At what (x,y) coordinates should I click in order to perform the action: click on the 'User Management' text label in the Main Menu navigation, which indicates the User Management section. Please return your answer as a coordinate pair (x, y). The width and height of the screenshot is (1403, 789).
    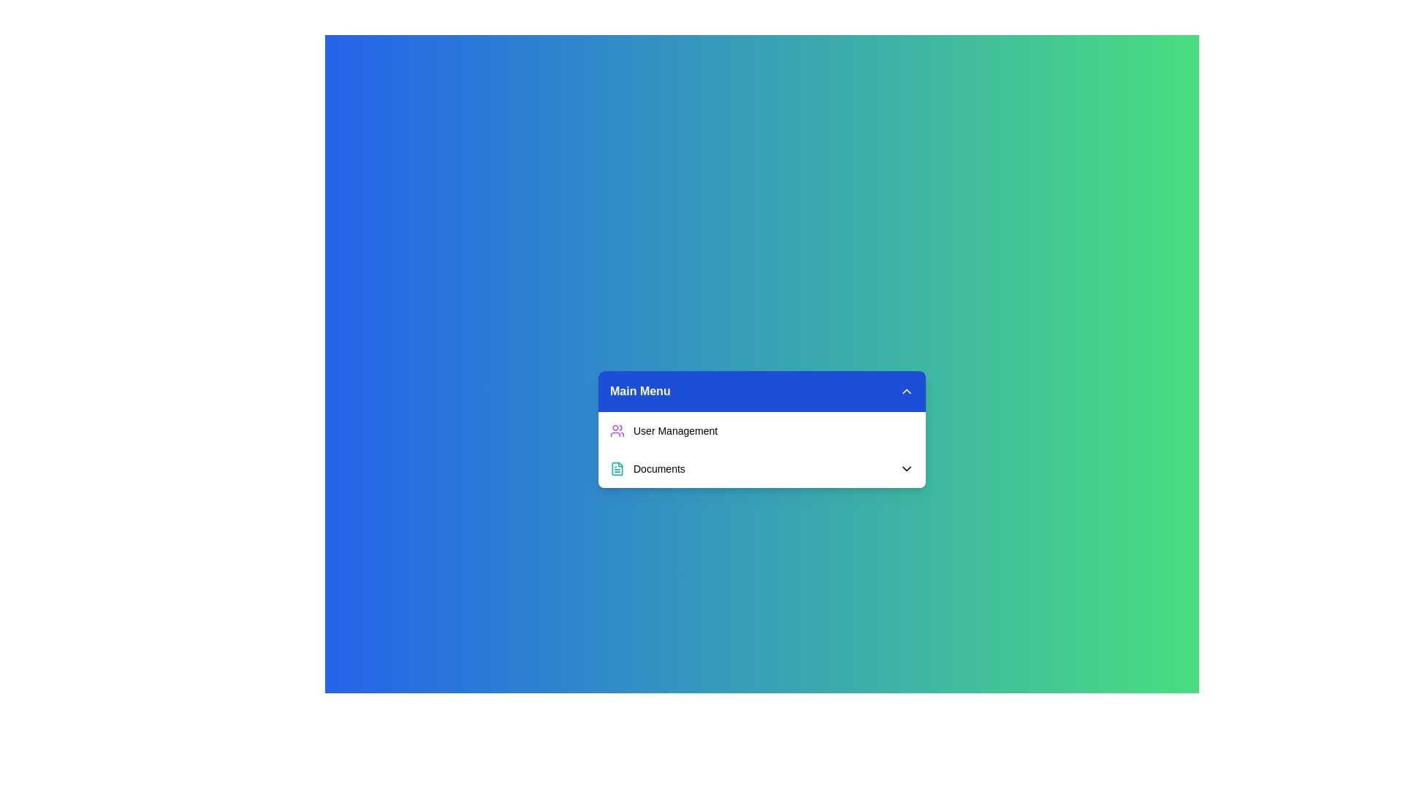
    Looking at the image, I should click on (674, 430).